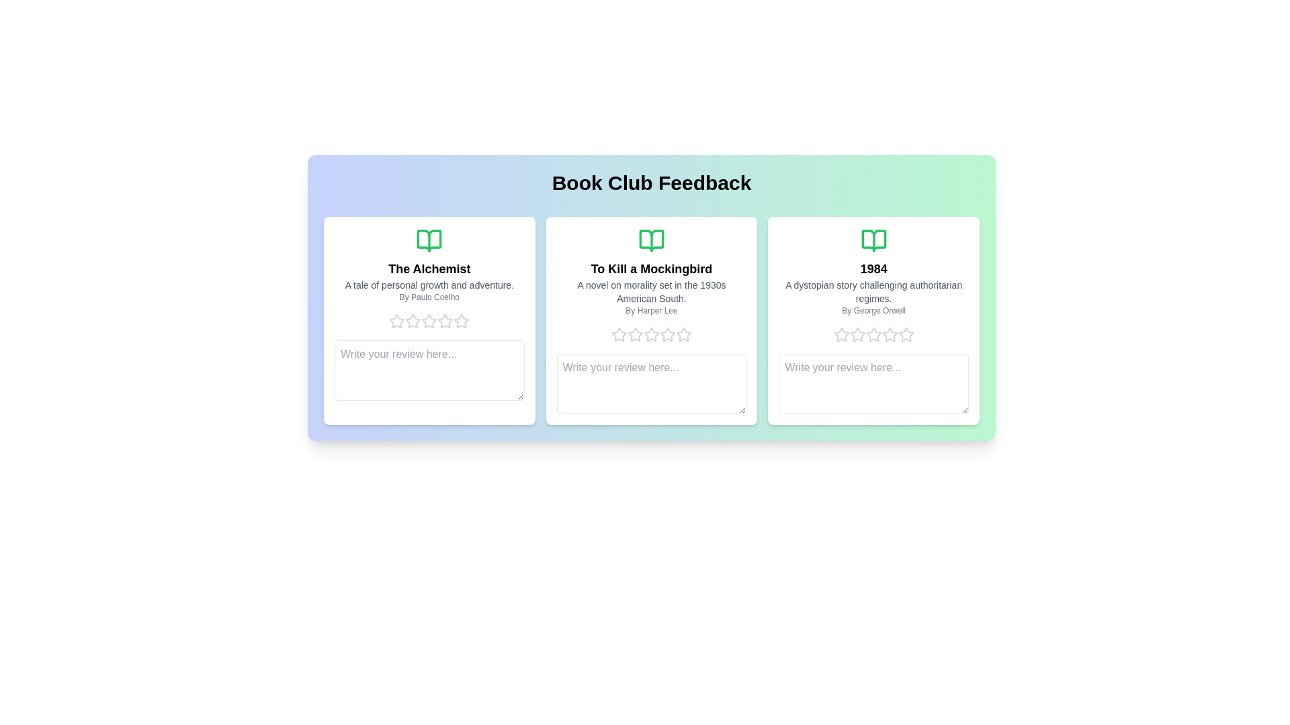  I want to click on the book icon located at the top center of the card titled 'The Alchemist', which visually represents the concept of reading, so click(429, 240).